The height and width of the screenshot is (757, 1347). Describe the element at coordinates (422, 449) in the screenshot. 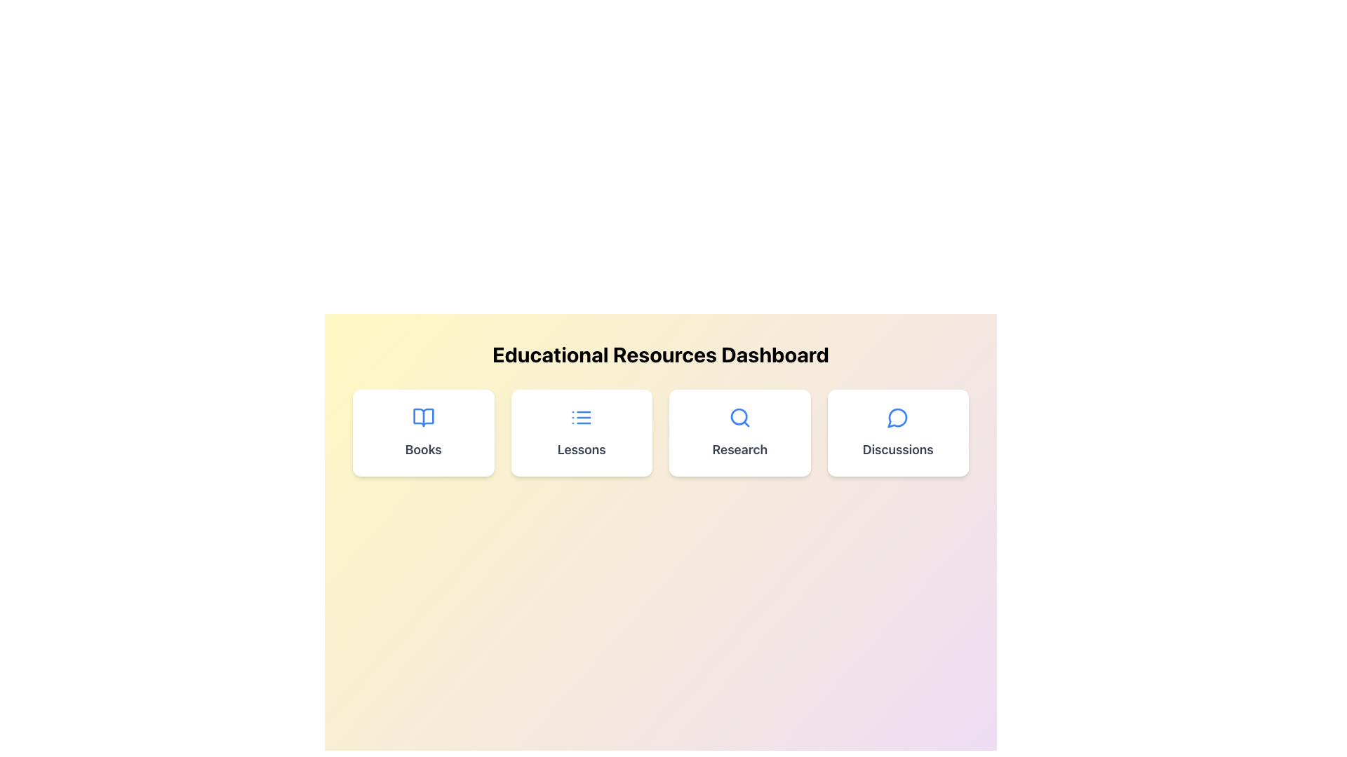

I see `the text element that serves as a label indicating the purpose of the card related to books, located at the bottom of the first card on the far left, beneath an icon of an open book` at that location.